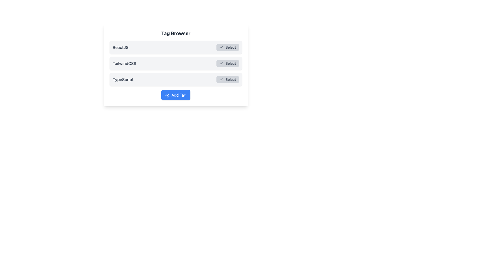 This screenshot has height=271, width=481. Describe the element at coordinates (167, 95) in the screenshot. I see `the 'Add Tag' button, which contains a circular SVG graphic that signifies the action of adding a new tag` at that location.